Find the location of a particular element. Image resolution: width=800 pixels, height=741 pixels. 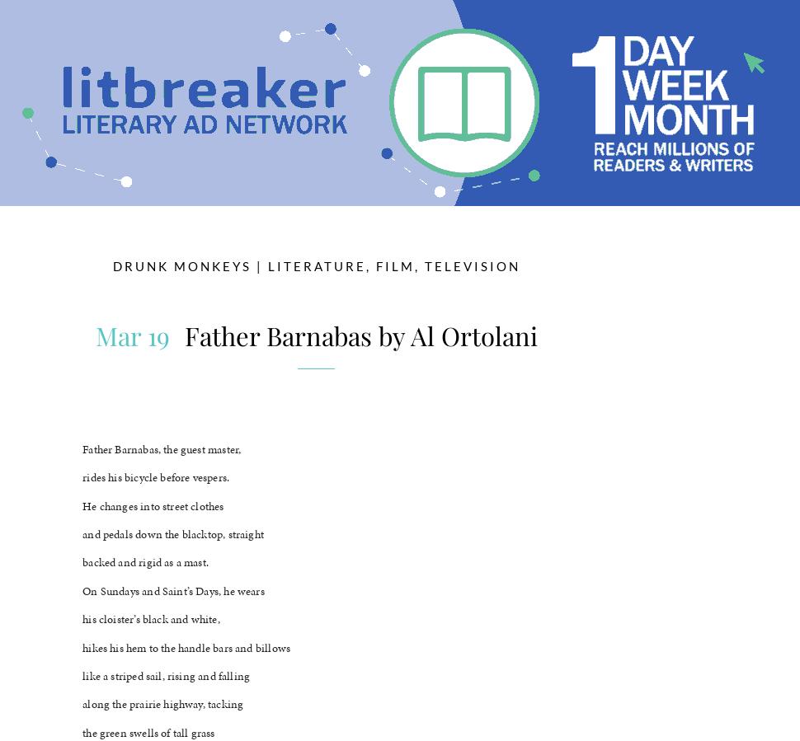

'He changes into street clothes' is located at coordinates (152, 504).